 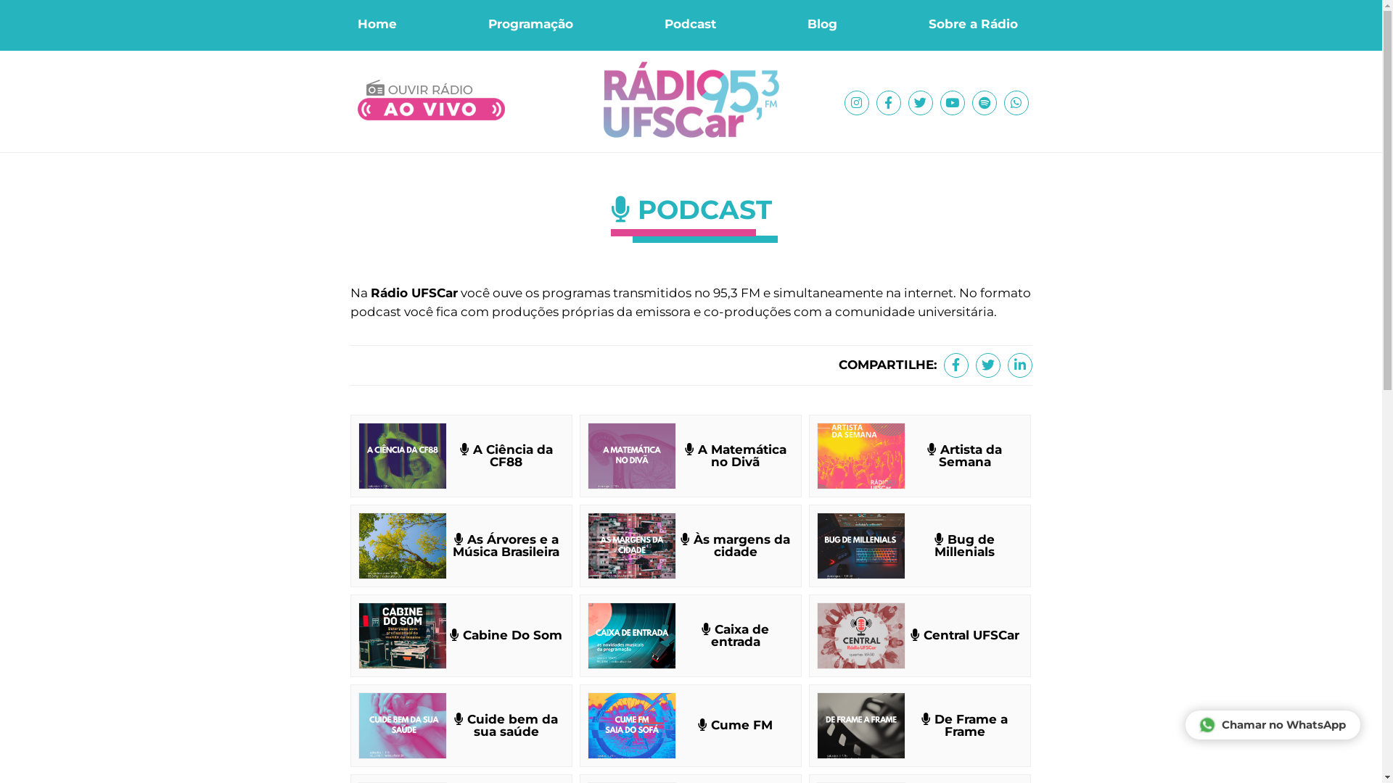 What do you see at coordinates (987, 365) in the screenshot?
I see `'Twitter'` at bounding box center [987, 365].